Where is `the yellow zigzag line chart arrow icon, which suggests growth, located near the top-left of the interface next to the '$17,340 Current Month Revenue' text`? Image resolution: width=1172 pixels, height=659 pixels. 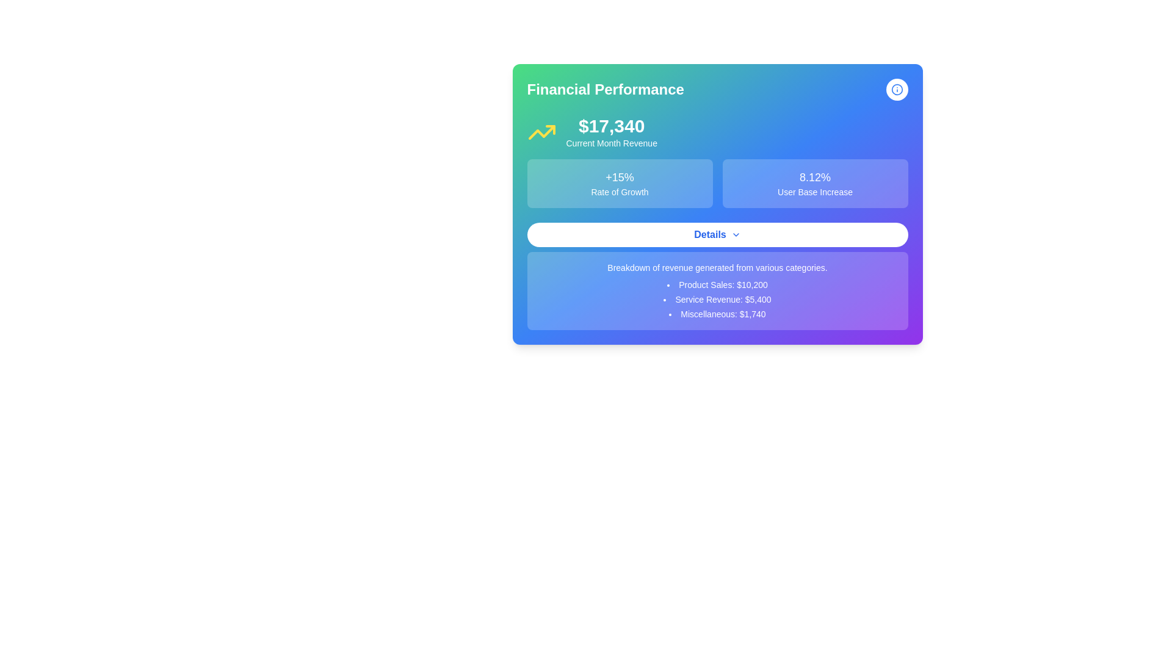
the yellow zigzag line chart arrow icon, which suggests growth, located near the top-left of the interface next to the '$17,340 Current Month Revenue' text is located at coordinates (541, 132).